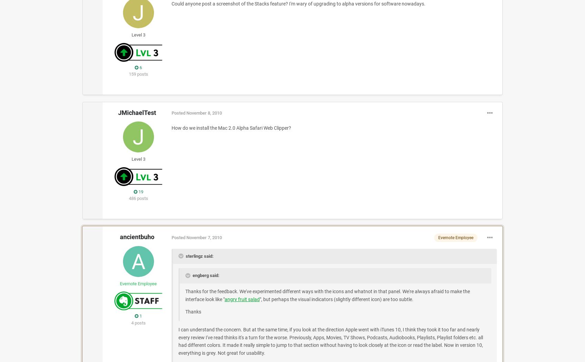 The width and height of the screenshot is (585, 362). I want to click on '159 posts', so click(138, 74).